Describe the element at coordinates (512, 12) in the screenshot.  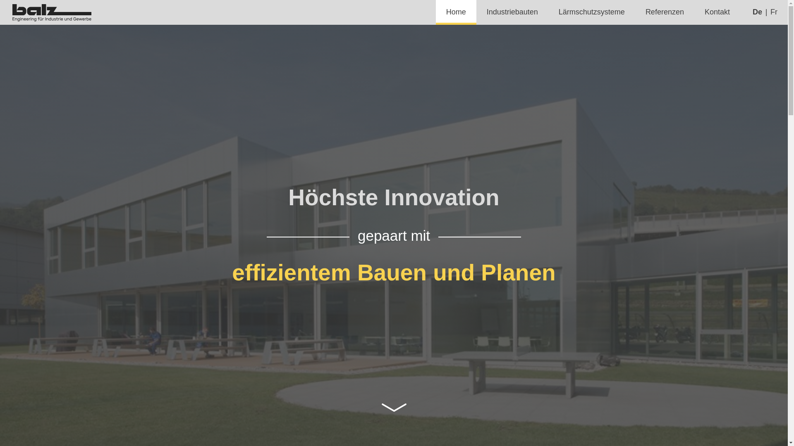
I see `'Industriebauten'` at that location.